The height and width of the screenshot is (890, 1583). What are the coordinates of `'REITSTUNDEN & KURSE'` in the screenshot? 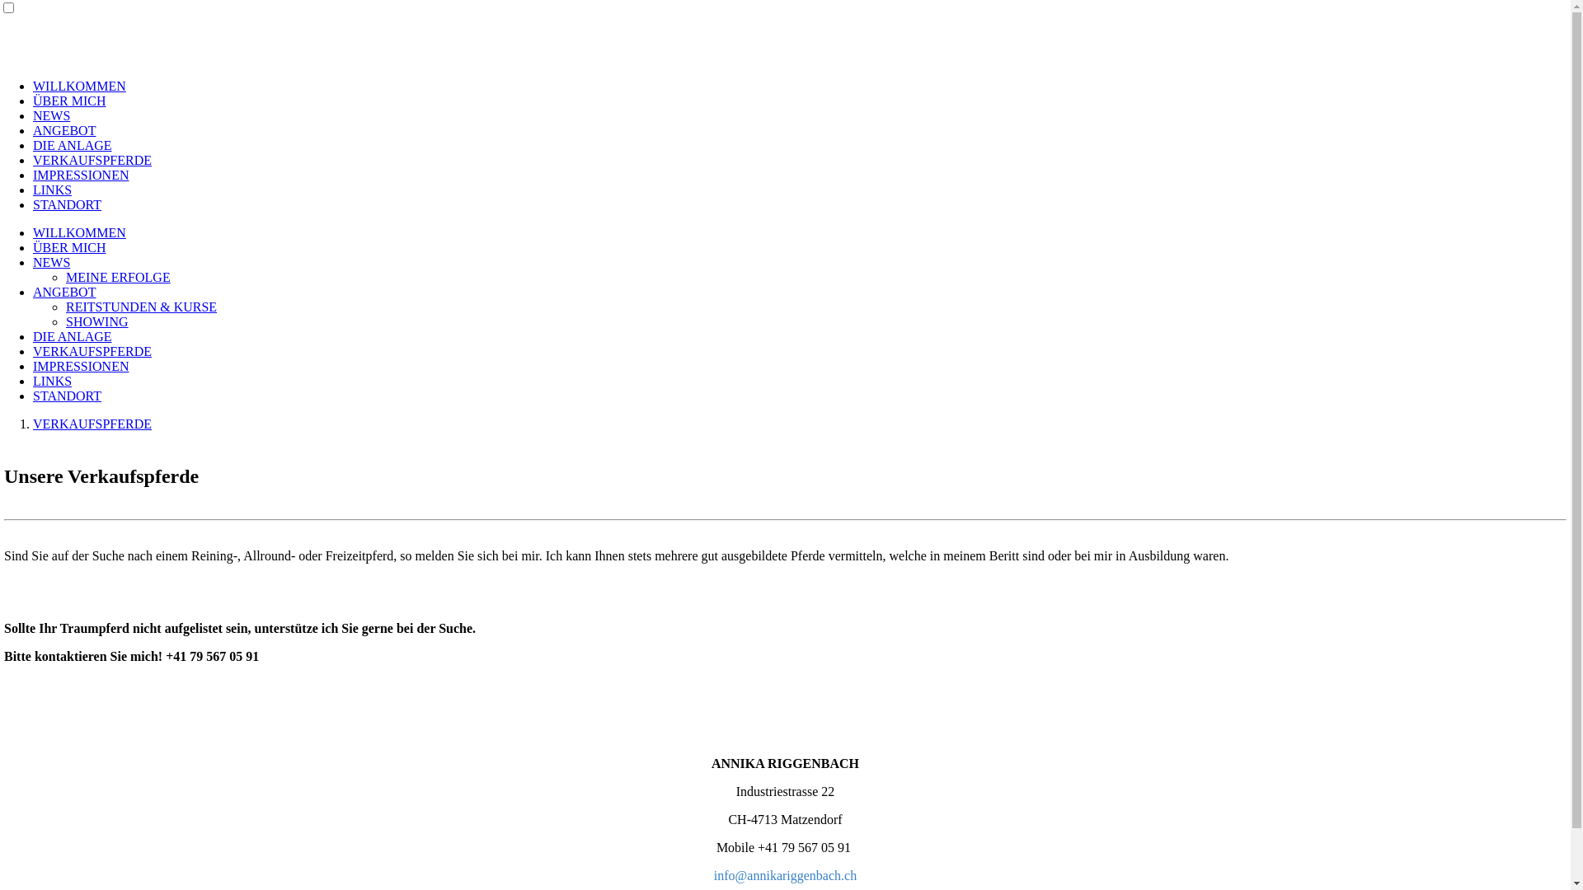 It's located at (66, 307).